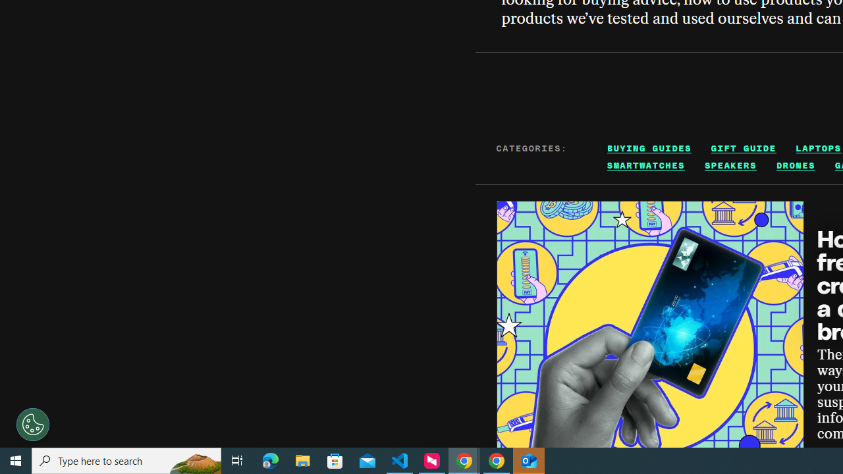 This screenshot has height=474, width=843. What do you see at coordinates (649, 148) in the screenshot?
I see `'BUYING GUIDES'` at bounding box center [649, 148].